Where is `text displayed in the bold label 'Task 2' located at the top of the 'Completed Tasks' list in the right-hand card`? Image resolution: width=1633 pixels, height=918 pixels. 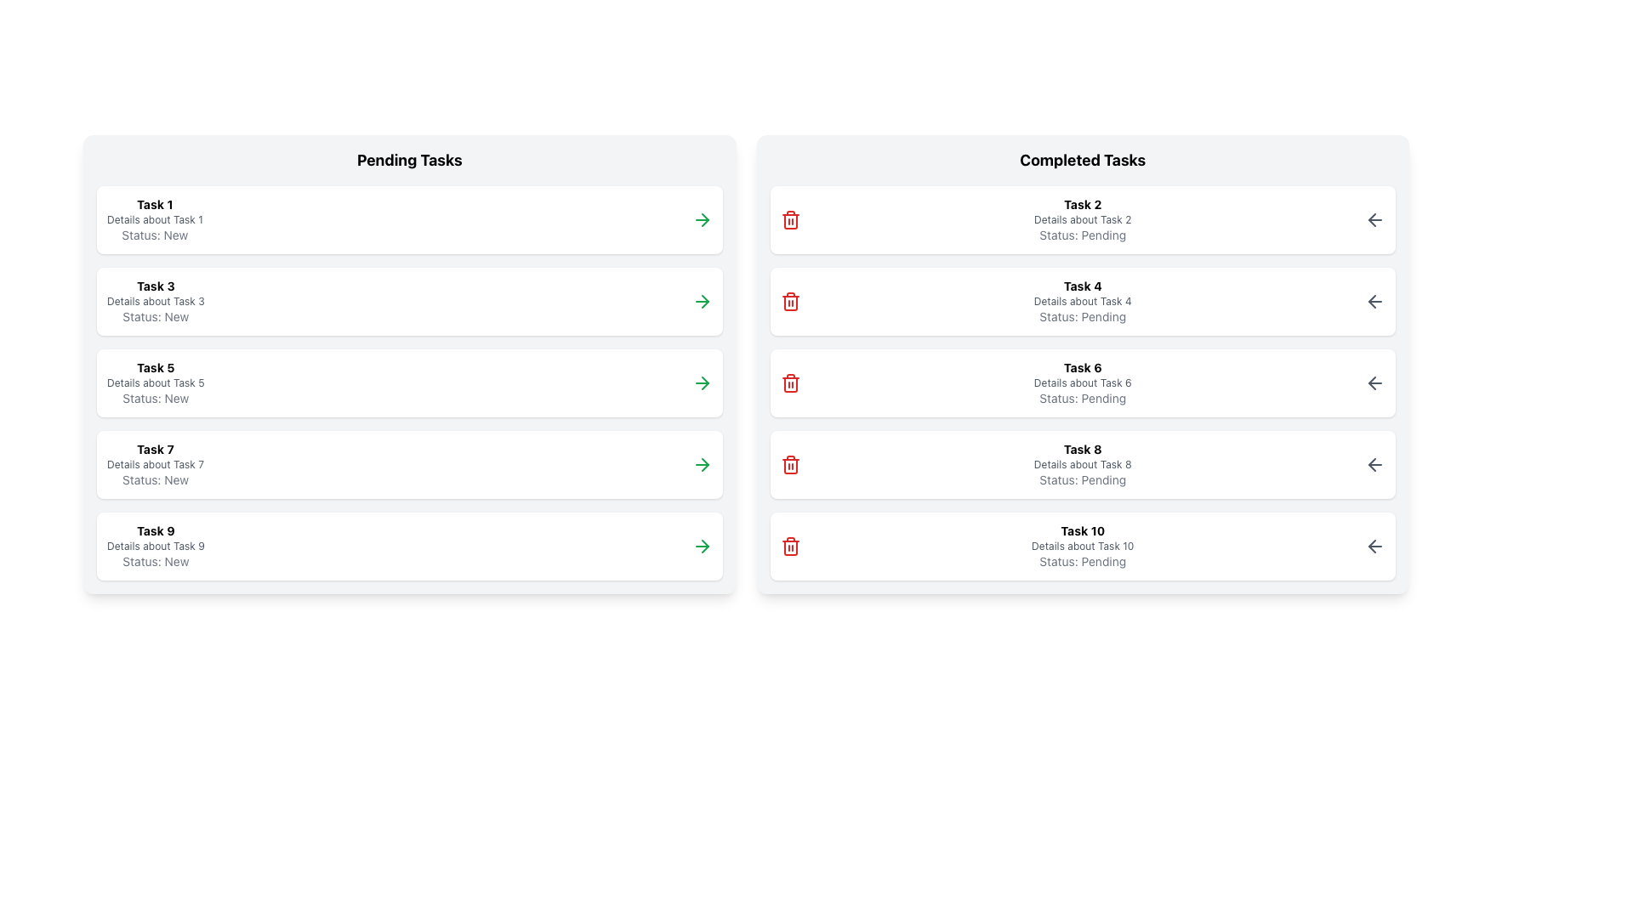 text displayed in the bold label 'Task 2' located at the top of the 'Completed Tasks' list in the right-hand card is located at coordinates (1082, 203).